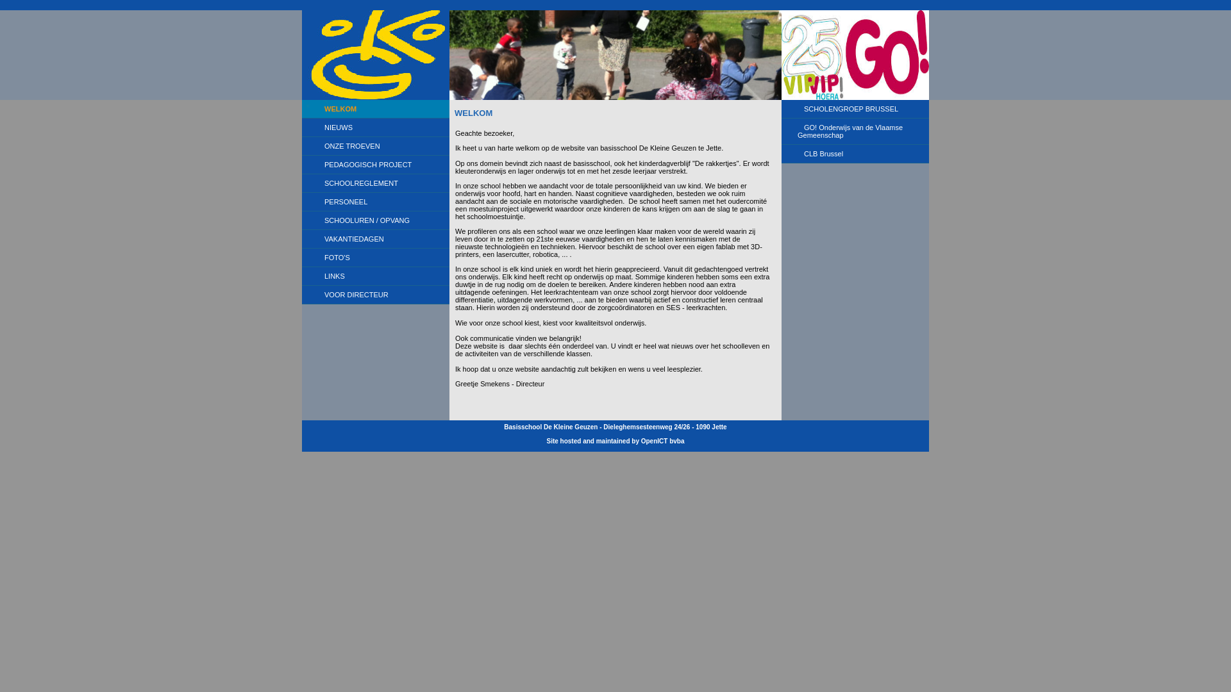 The image size is (1231, 692). I want to click on 'LINKS', so click(374, 276).